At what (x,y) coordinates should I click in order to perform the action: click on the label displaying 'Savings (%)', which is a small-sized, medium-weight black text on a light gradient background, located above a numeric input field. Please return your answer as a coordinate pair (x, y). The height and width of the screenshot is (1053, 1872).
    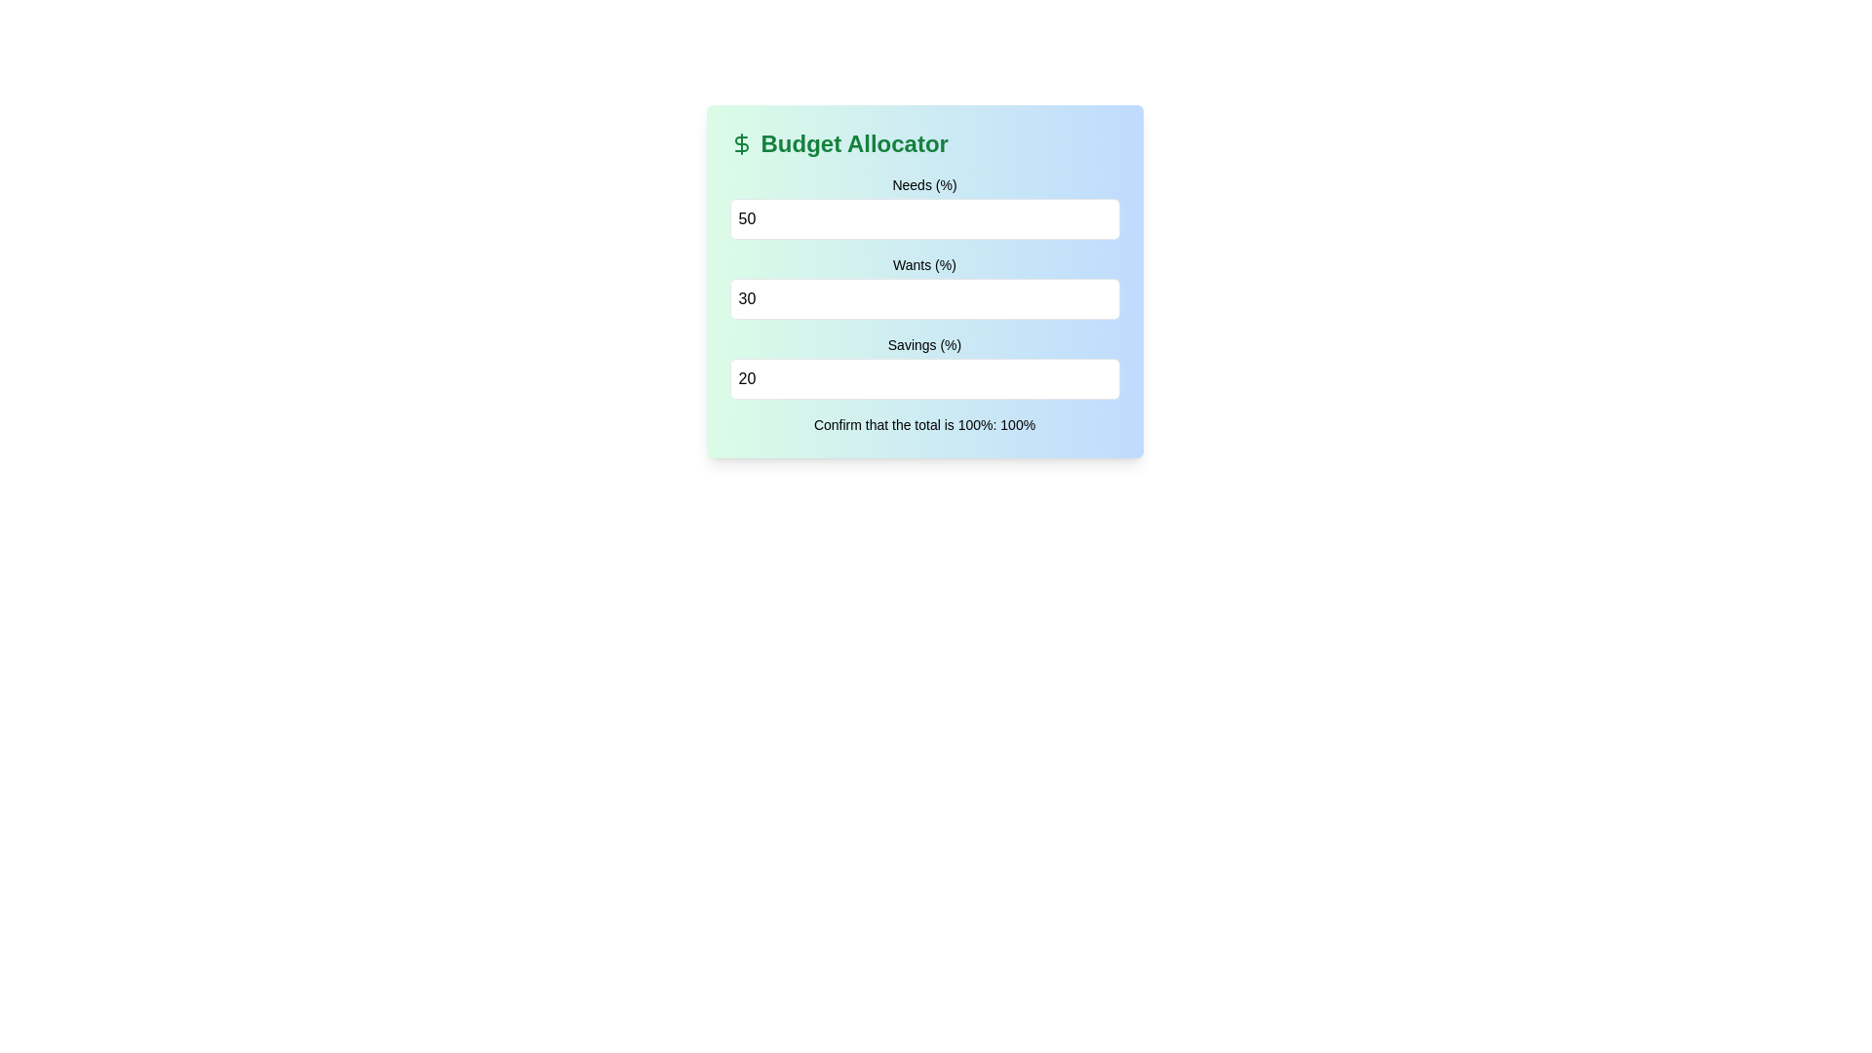
    Looking at the image, I should click on (923, 344).